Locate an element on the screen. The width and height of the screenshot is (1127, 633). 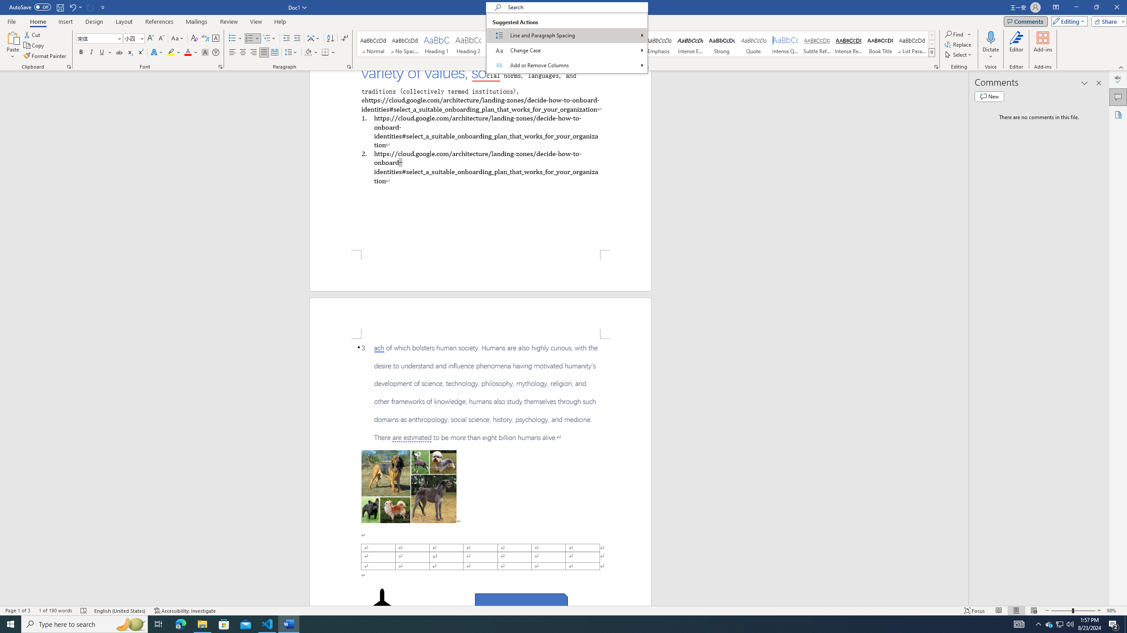
'New comment' is located at coordinates (989, 96).